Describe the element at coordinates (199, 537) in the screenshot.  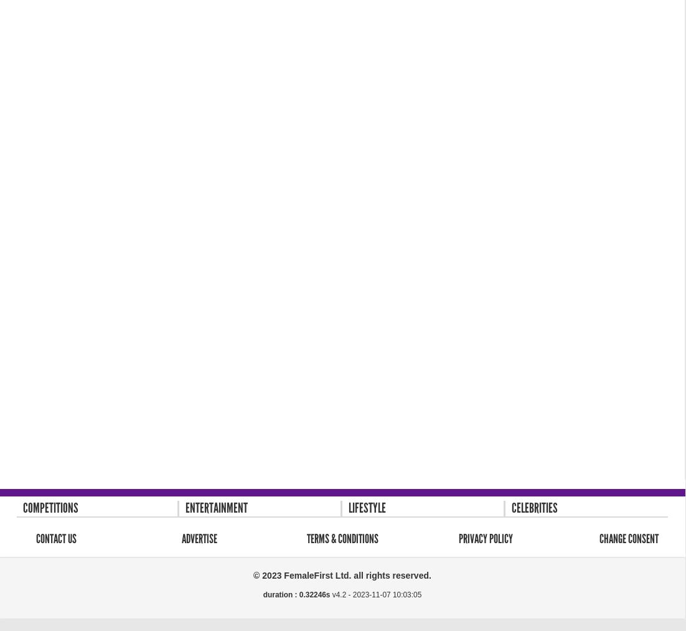
I see `'Advertise'` at that location.